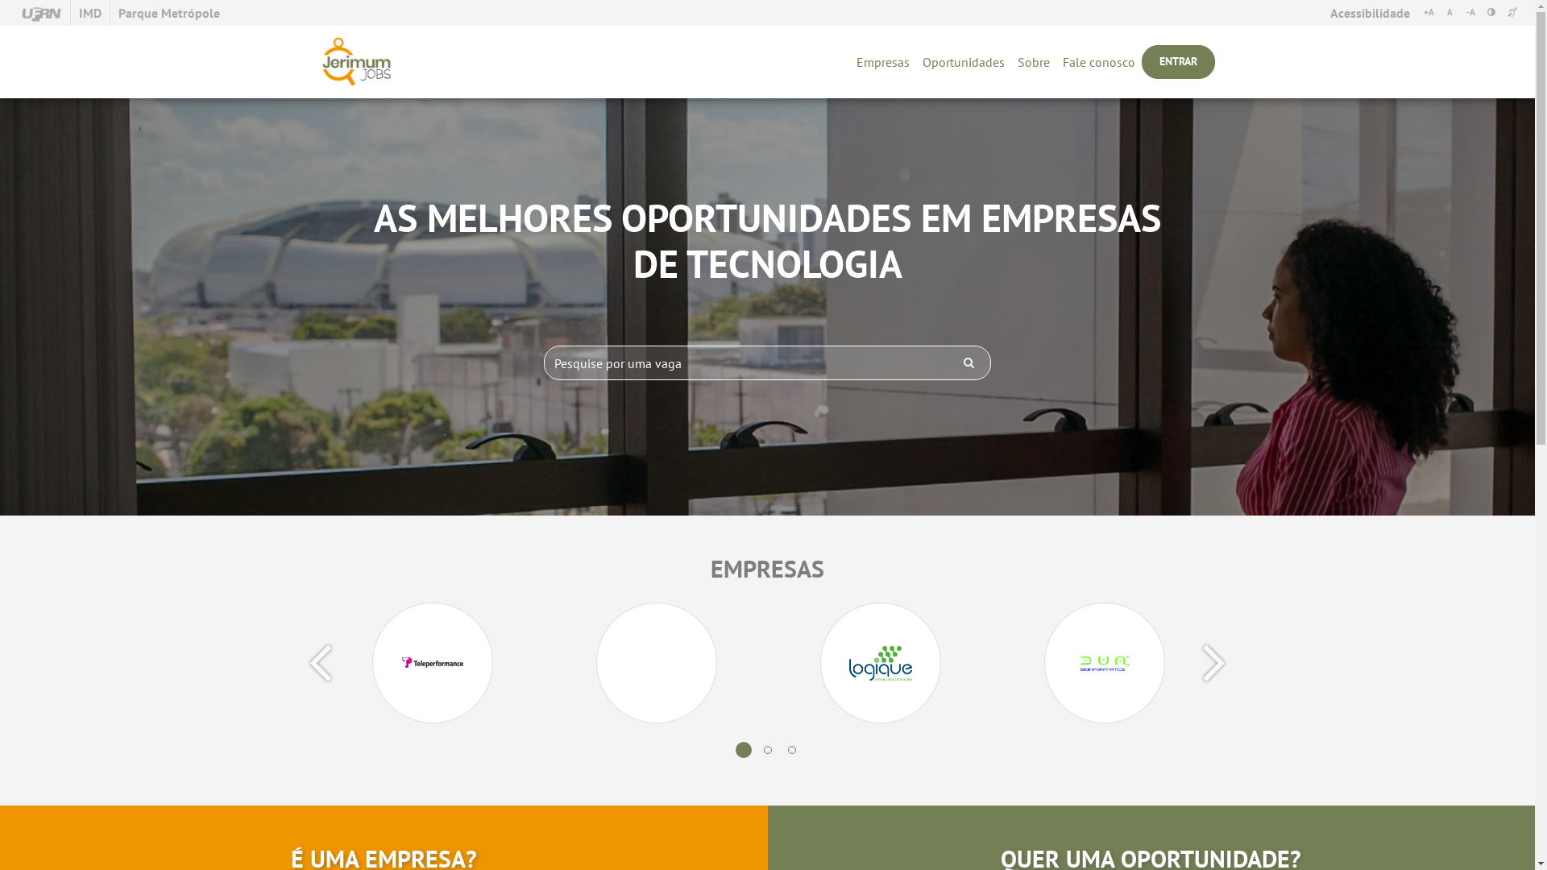 The width and height of the screenshot is (1547, 870). I want to click on 'IMD', so click(68, 12).